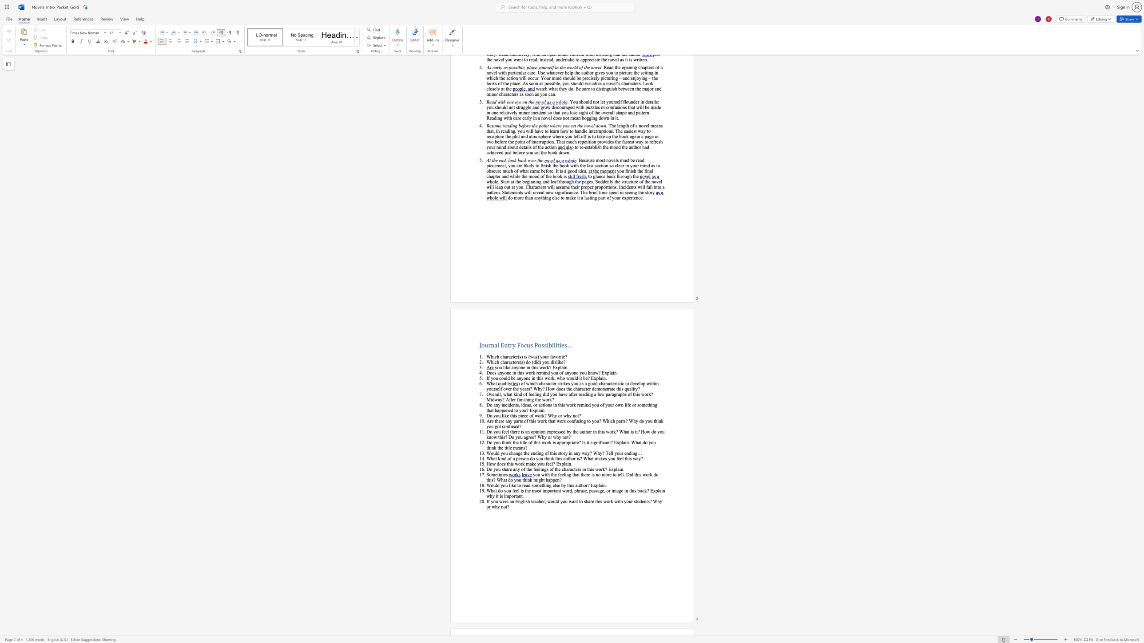 The image size is (1144, 643). Describe the element at coordinates (604, 372) in the screenshot. I see `the subset text "xplain." within the text "Does anyone in this work remind you of anyone you know? Explain."` at that location.